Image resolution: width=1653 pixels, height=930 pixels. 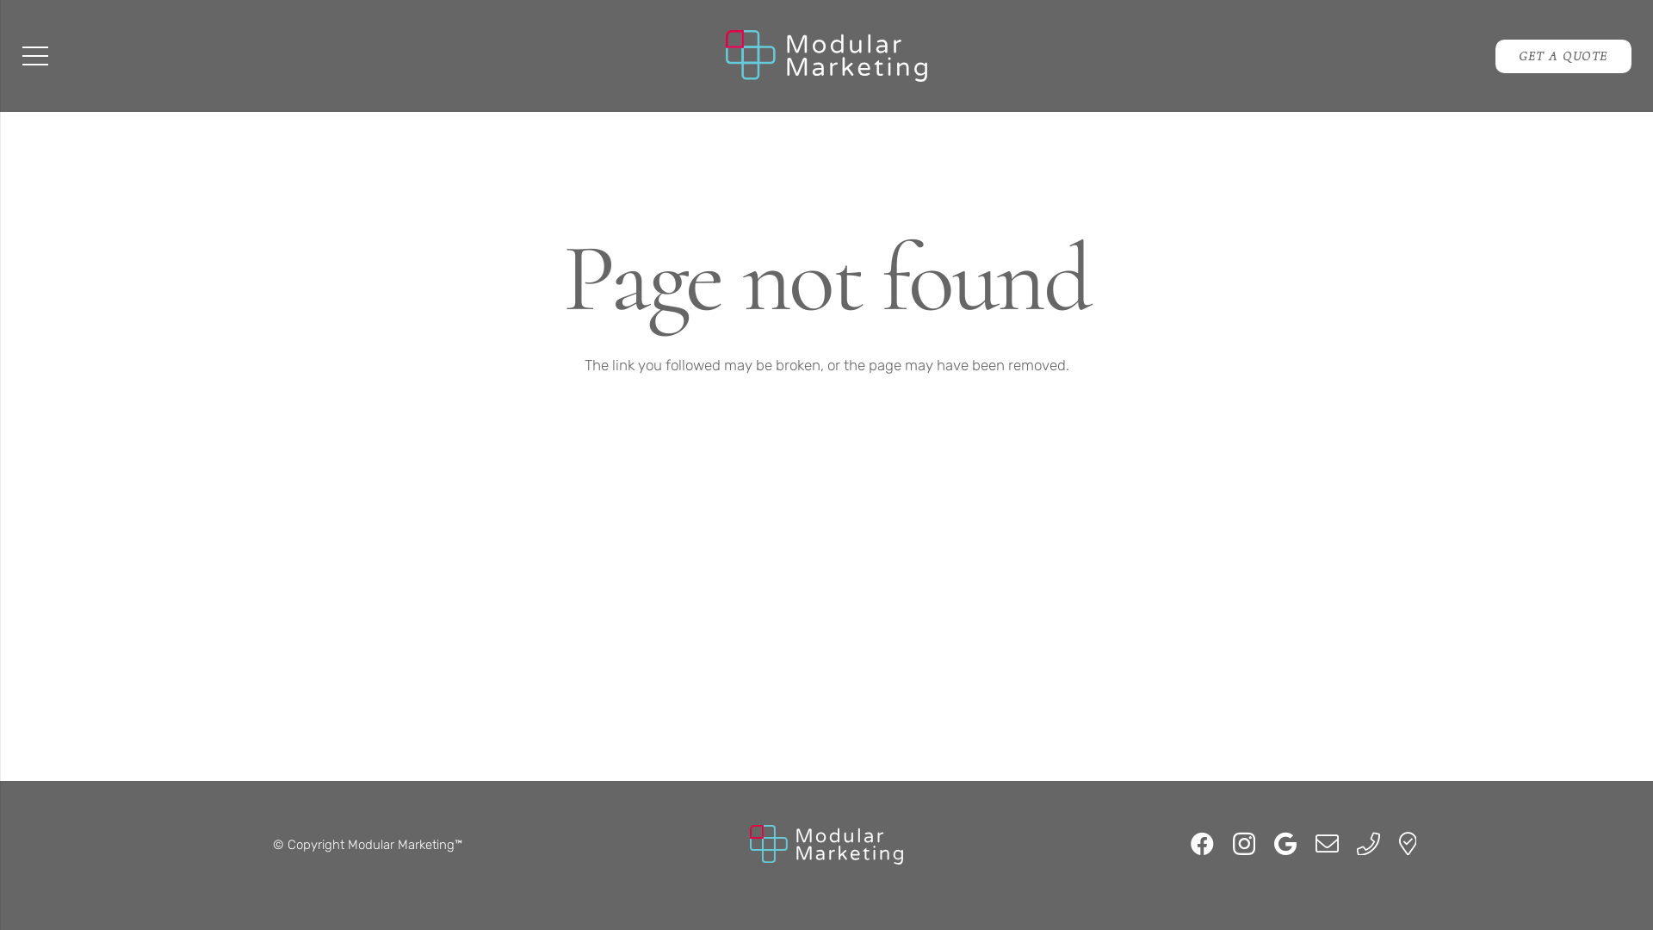 What do you see at coordinates (1367, 842) in the screenshot?
I see `'Title'` at bounding box center [1367, 842].